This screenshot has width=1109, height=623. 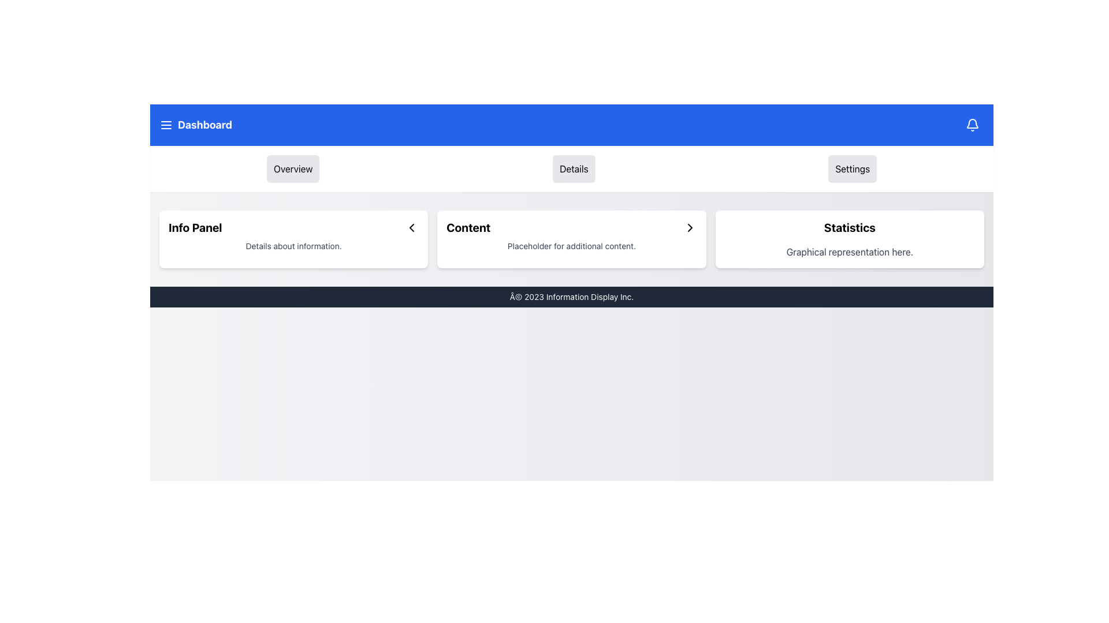 What do you see at coordinates (412, 227) in the screenshot?
I see `the SVG icon resembling a leftward pointing chevron located to the right of the 'Info Panel' header` at bounding box center [412, 227].